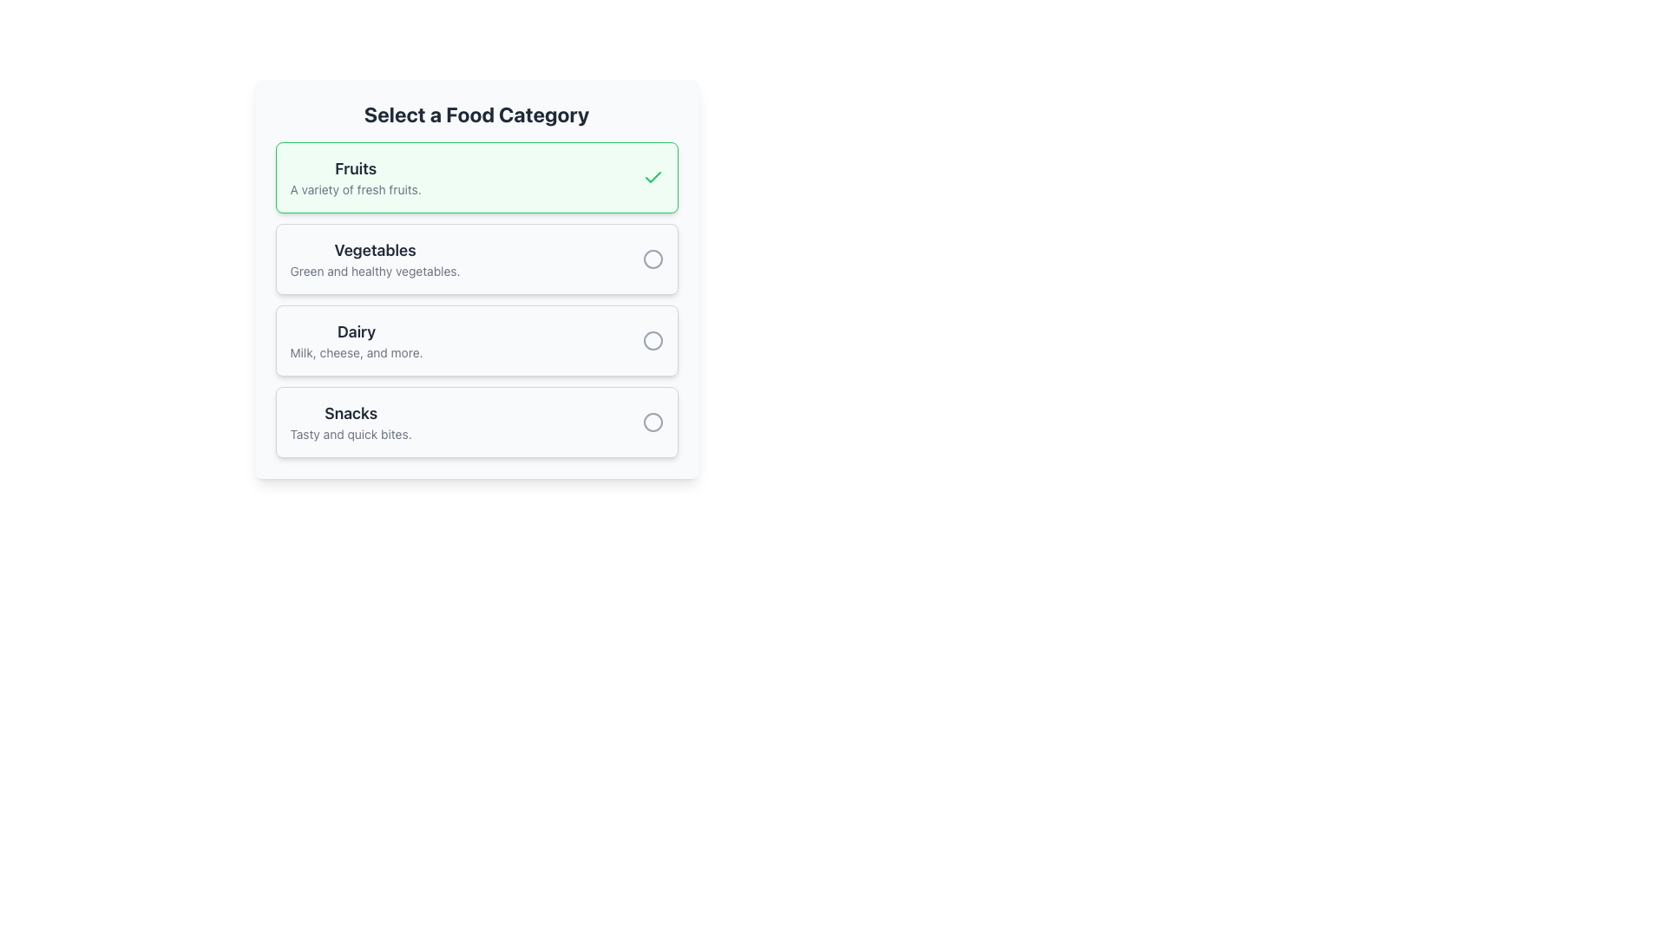 The width and height of the screenshot is (1666, 937). What do you see at coordinates (356, 331) in the screenshot?
I see `the 'Dairy' section title text label, which is the top text element in the third selectable row of the 'Select a Food Category' list` at bounding box center [356, 331].